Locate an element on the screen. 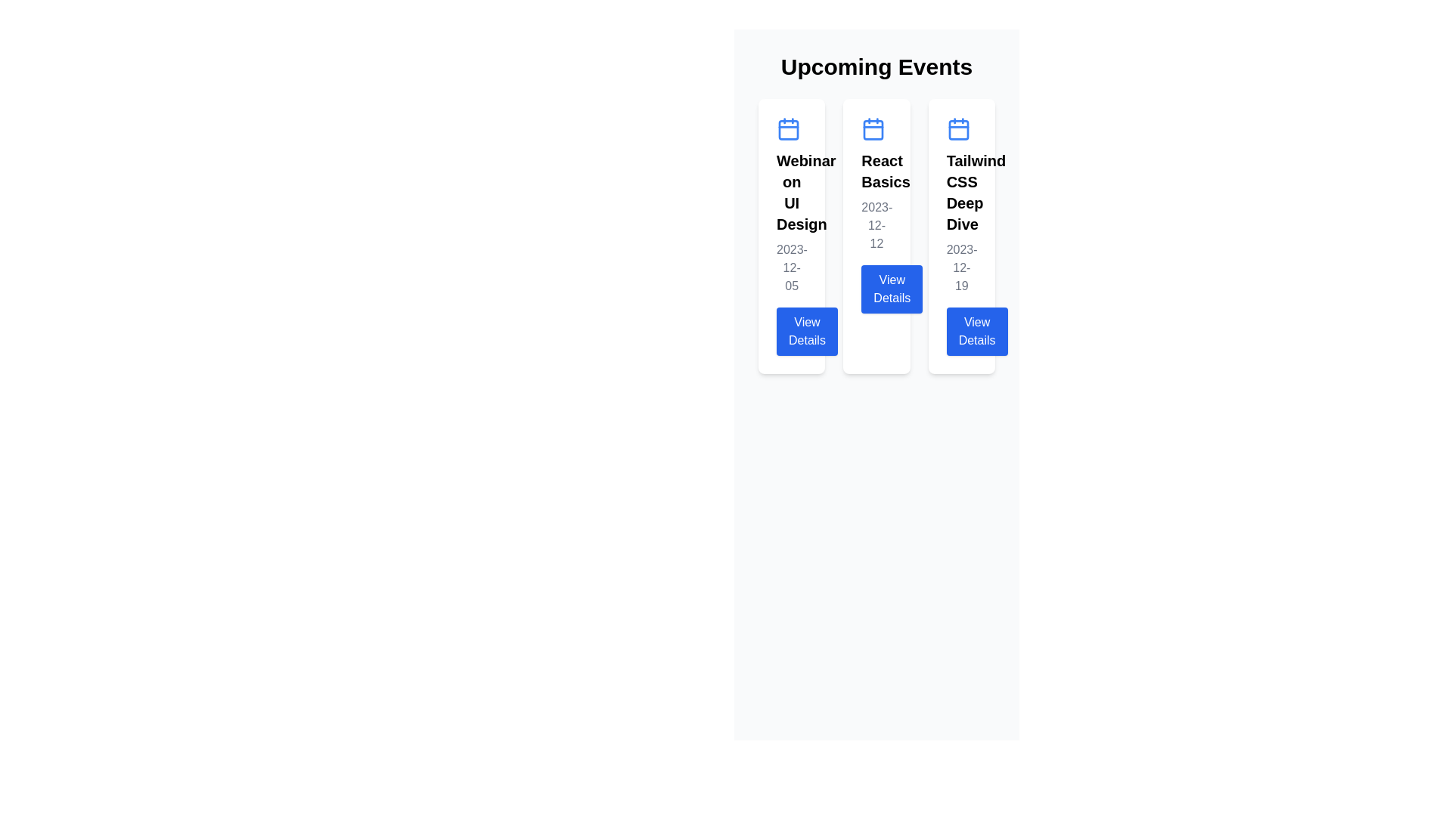 Image resolution: width=1452 pixels, height=816 pixels. event title text displayed at the top center of the leftmost card under the 'Upcoming Events' section for identification is located at coordinates (791, 191).